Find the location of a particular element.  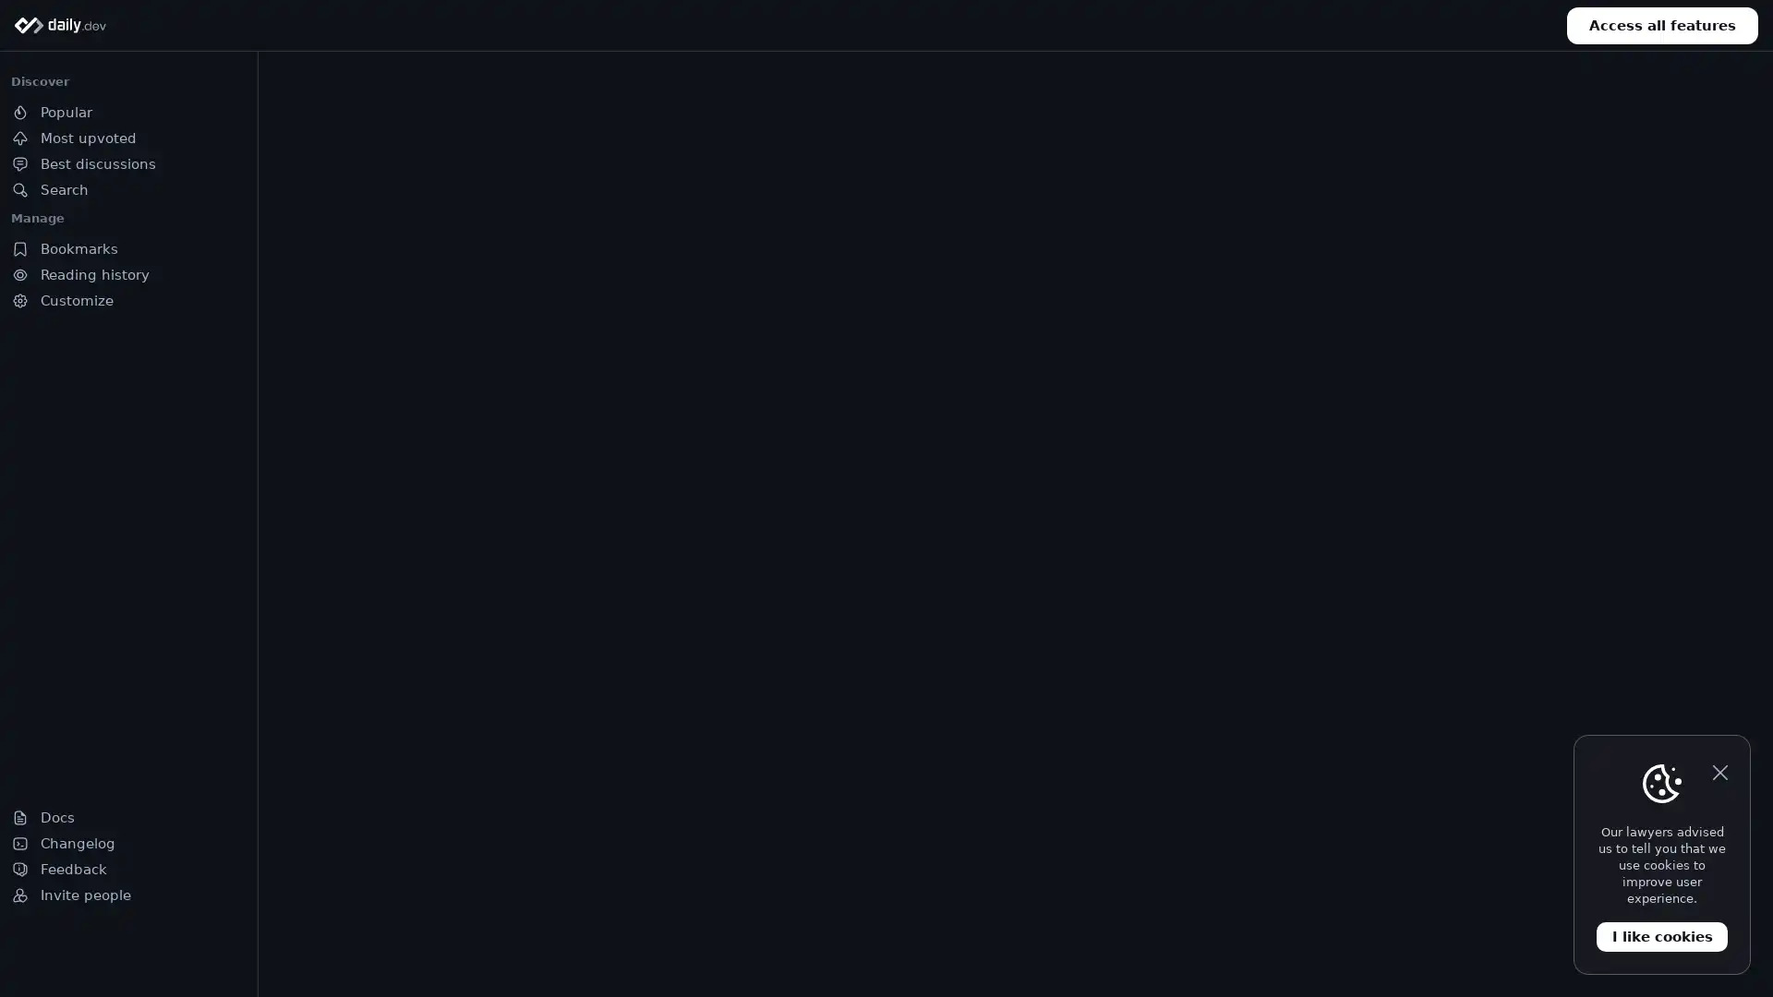

Upvote is located at coordinates (1396, 516).